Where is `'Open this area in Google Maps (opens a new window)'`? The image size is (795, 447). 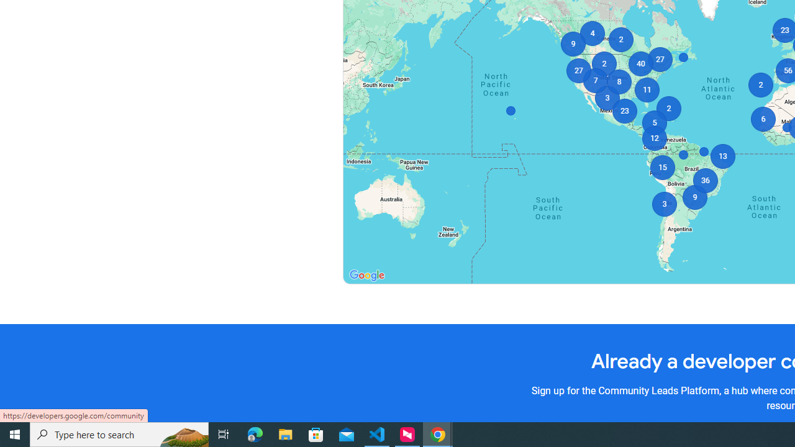 'Open this area in Google Maps (opens a new window)' is located at coordinates (366, 275).